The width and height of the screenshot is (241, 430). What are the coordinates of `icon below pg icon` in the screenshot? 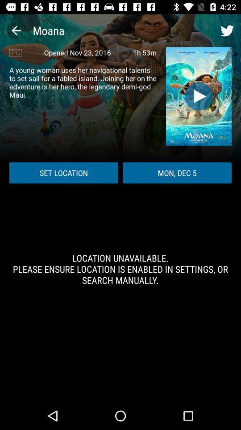 It's located at (83, 82).